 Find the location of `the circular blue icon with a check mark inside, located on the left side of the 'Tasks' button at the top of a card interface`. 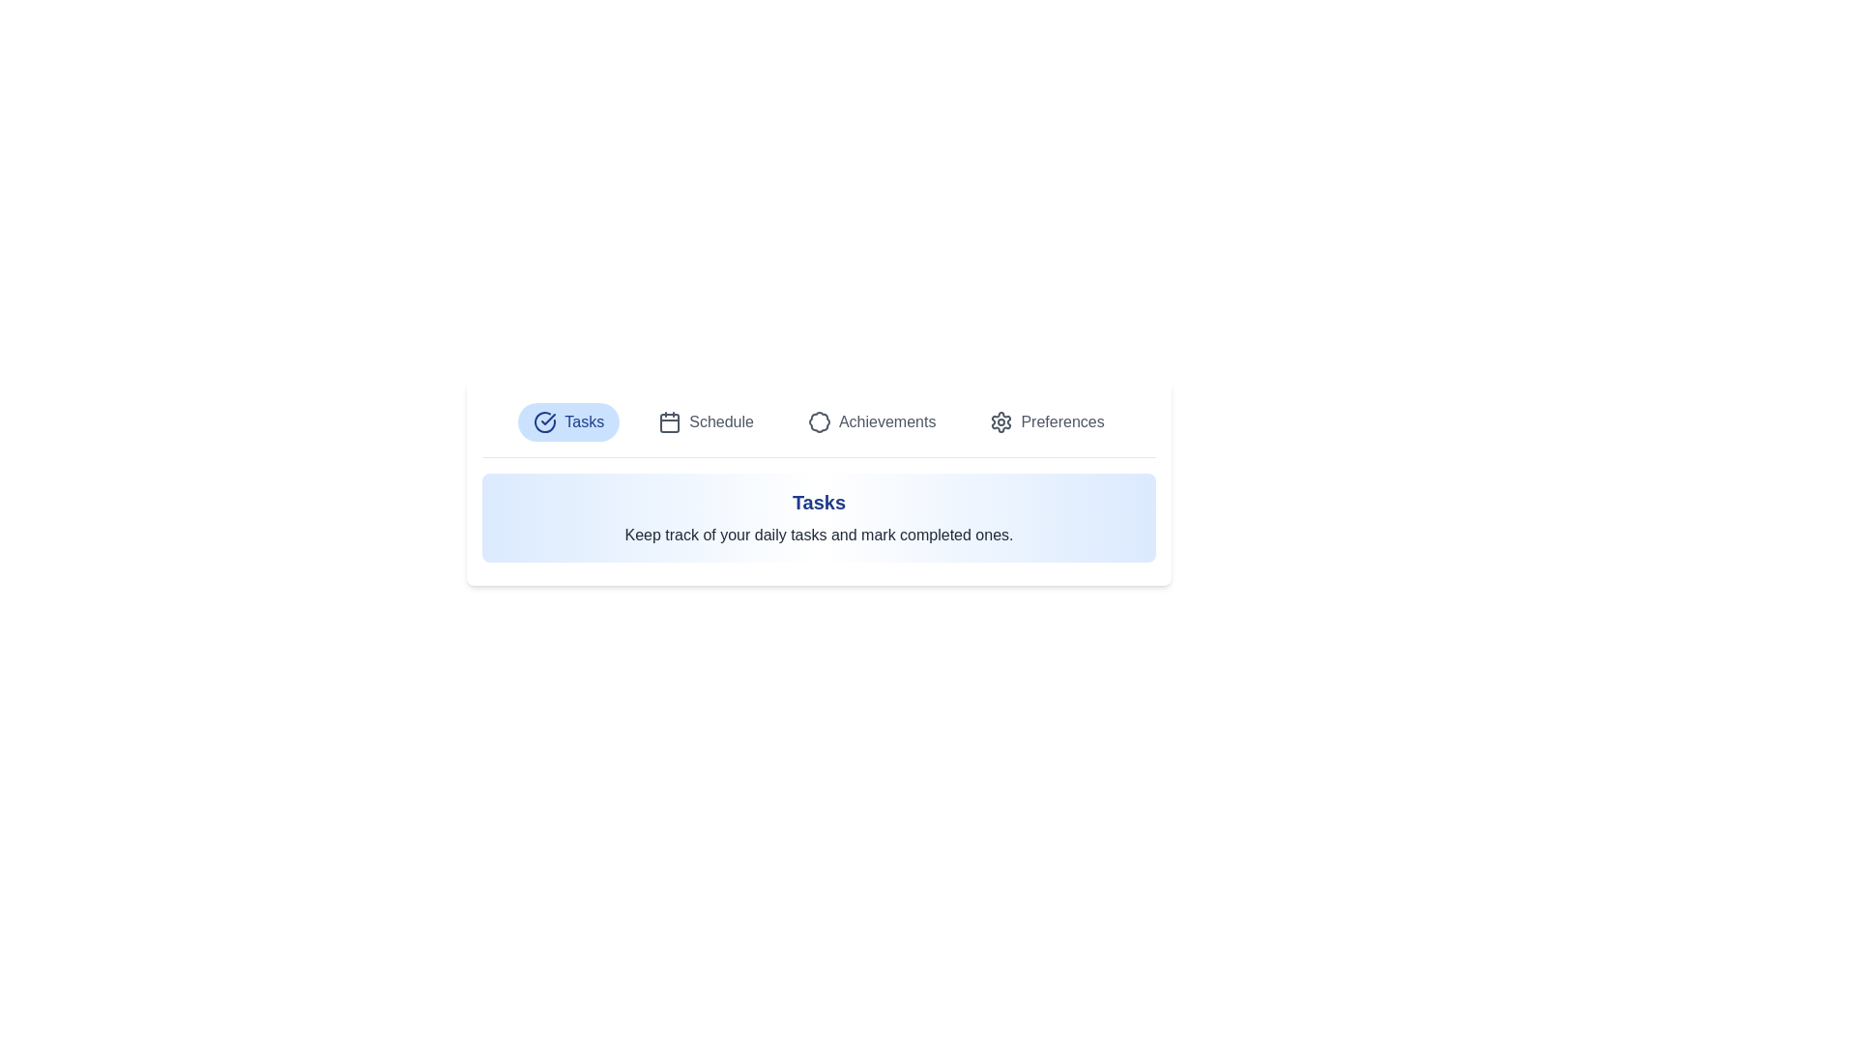

the circular blue icon with a check mark inside, located on the left side of the 'Tasks' button at the top of a card interface is located at coordinates (544, 420).